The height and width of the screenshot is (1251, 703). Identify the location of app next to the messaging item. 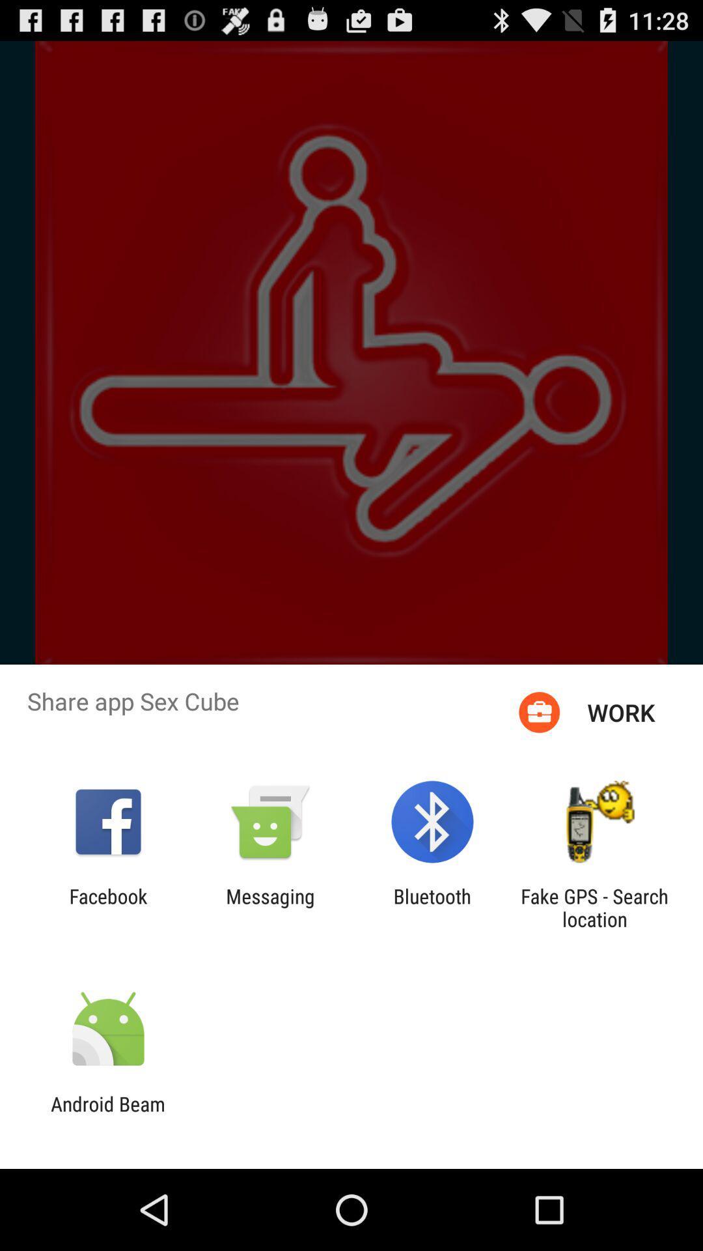
(107, 907).